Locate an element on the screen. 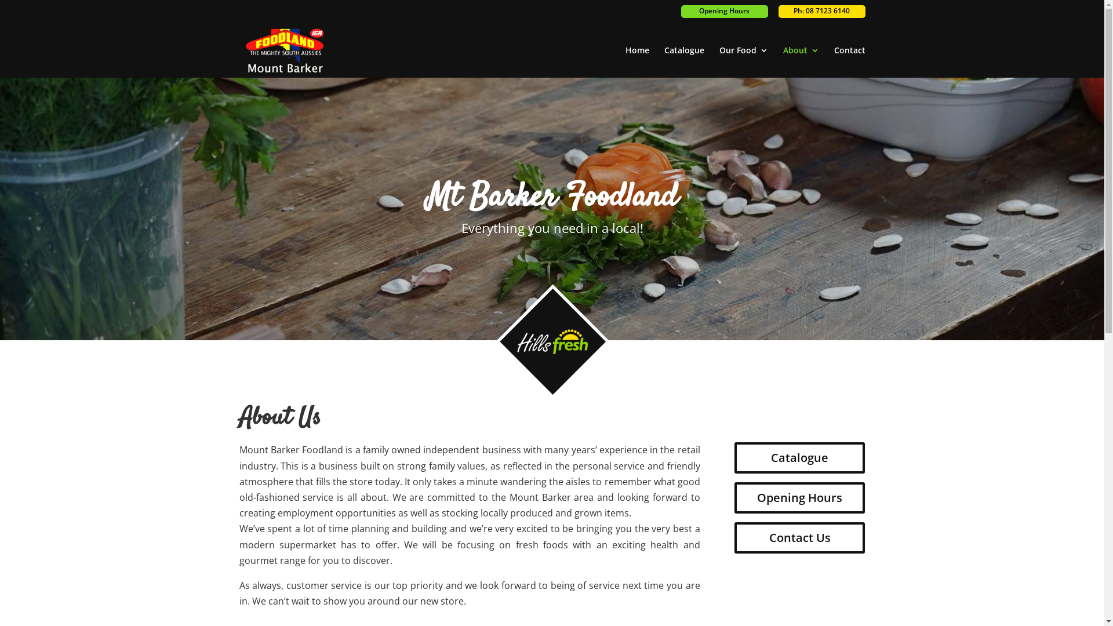  'Ph: 08 7123 6140' is located at coordinates (820, 11).